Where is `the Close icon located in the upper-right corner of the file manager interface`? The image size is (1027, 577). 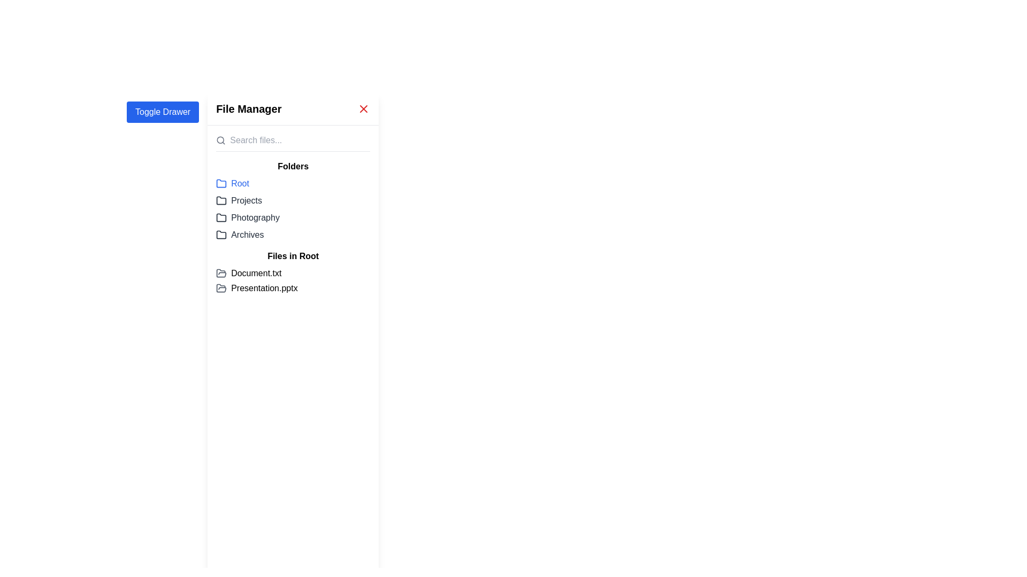 the Close icon located in the upper-right corner of the file manager interface is located at coordinates (364, 109).